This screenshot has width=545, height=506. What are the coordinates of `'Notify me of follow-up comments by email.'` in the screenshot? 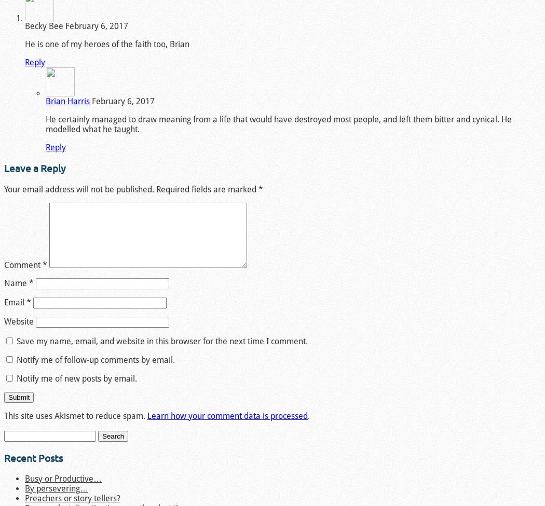 It's located at (96, 359).